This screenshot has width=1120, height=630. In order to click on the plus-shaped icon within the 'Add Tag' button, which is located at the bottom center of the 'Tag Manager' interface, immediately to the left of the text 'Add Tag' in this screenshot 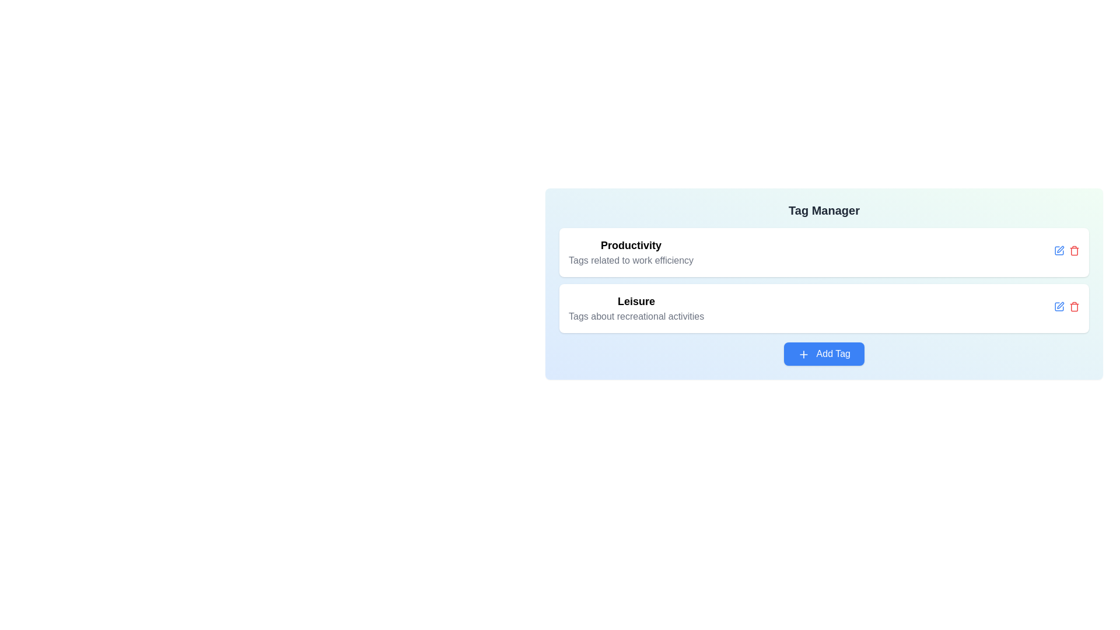, I will do `click(803, 353)`.